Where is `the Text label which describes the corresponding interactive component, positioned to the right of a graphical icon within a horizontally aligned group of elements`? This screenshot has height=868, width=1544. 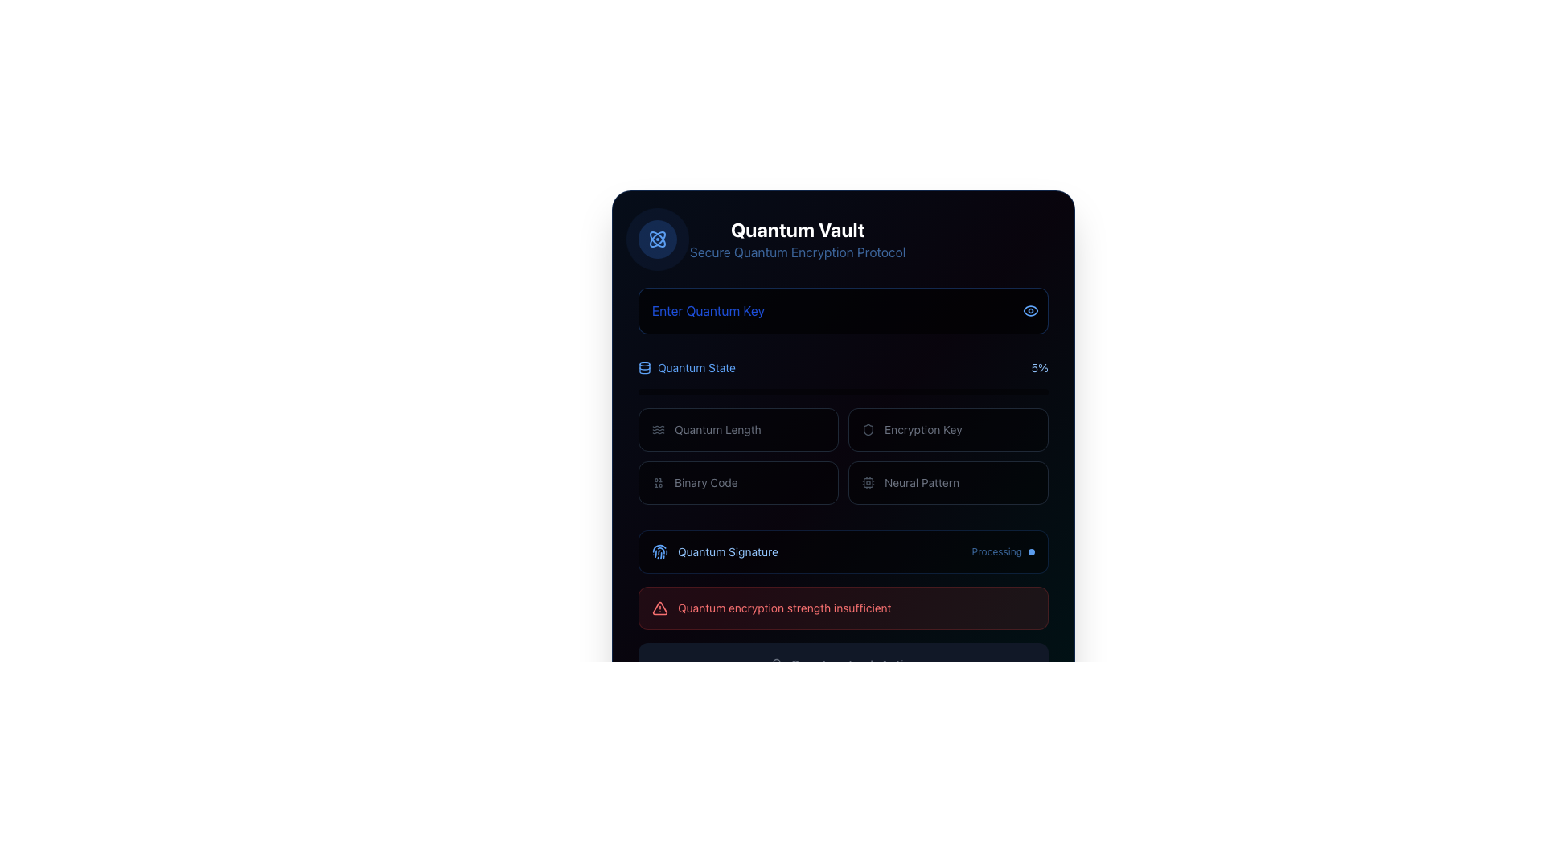 the Text label which describes the corresponding interactive component, positioned to the right of a graphical icon within a horizontally aligned group of elements is located at coordinates (923, 429).